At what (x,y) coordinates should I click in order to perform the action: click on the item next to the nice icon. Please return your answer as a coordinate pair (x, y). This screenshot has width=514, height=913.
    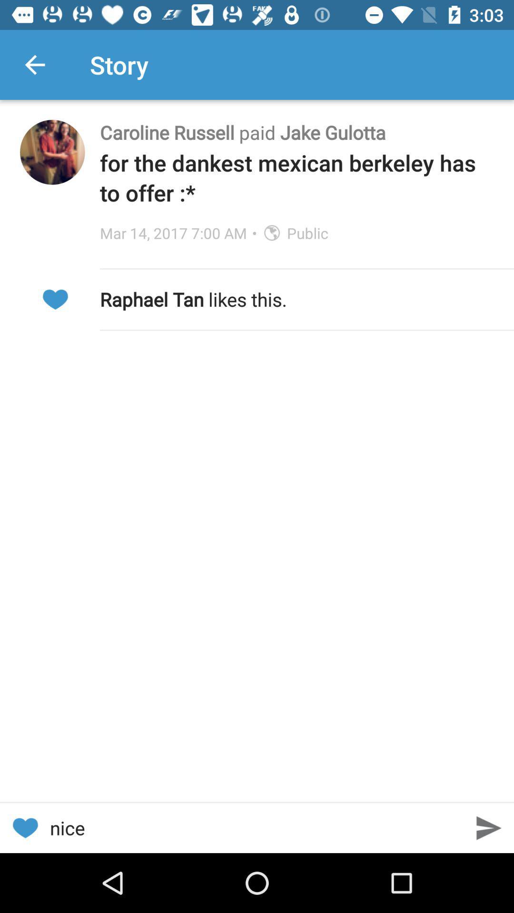
    Looking at the image, I should click on (24, 827).